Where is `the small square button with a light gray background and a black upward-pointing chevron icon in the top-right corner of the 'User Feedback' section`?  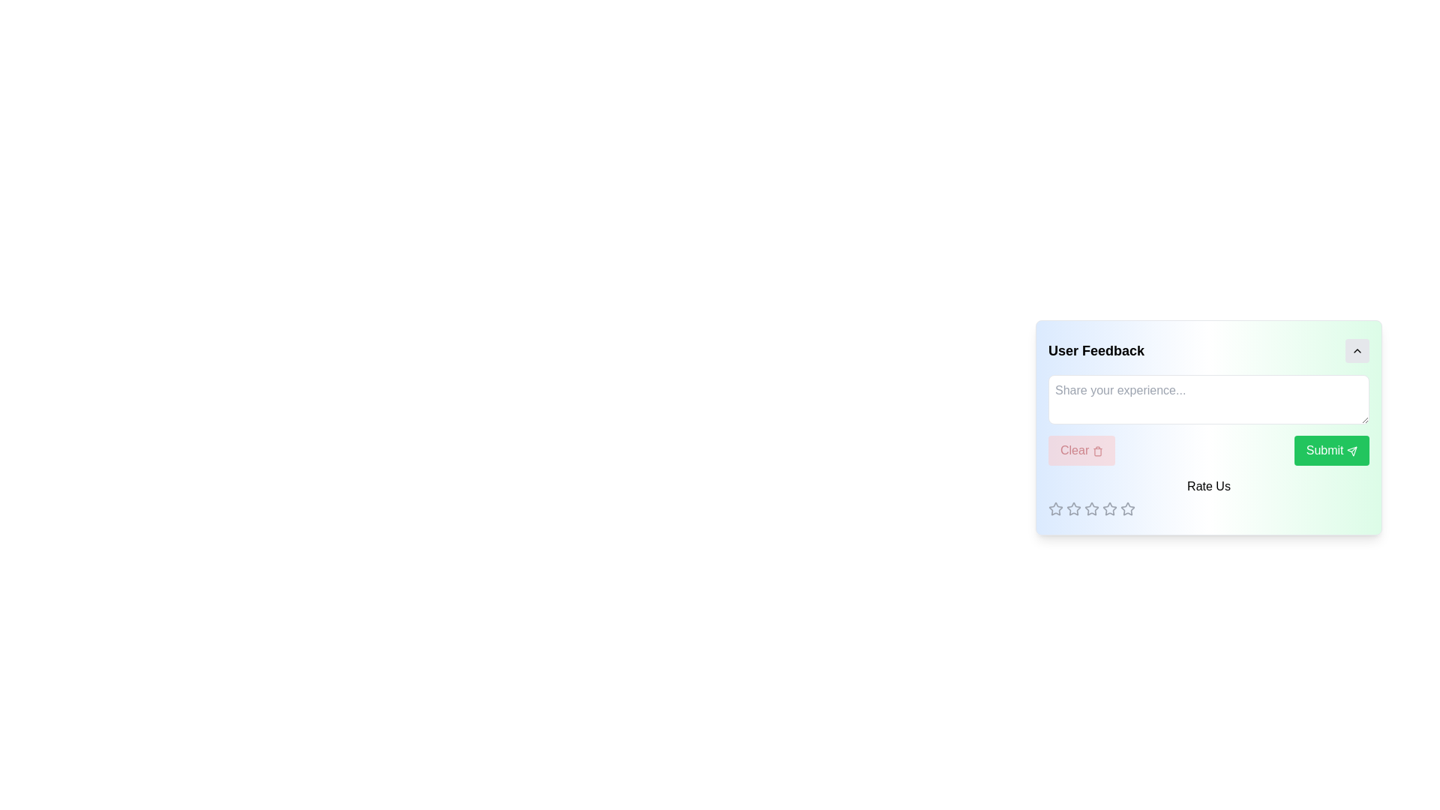
the small square button with a light gray background and a black upward-pointing chevron icon in the top-right corner of the 'User Feedback' section is located at coordinates (1357, 350).